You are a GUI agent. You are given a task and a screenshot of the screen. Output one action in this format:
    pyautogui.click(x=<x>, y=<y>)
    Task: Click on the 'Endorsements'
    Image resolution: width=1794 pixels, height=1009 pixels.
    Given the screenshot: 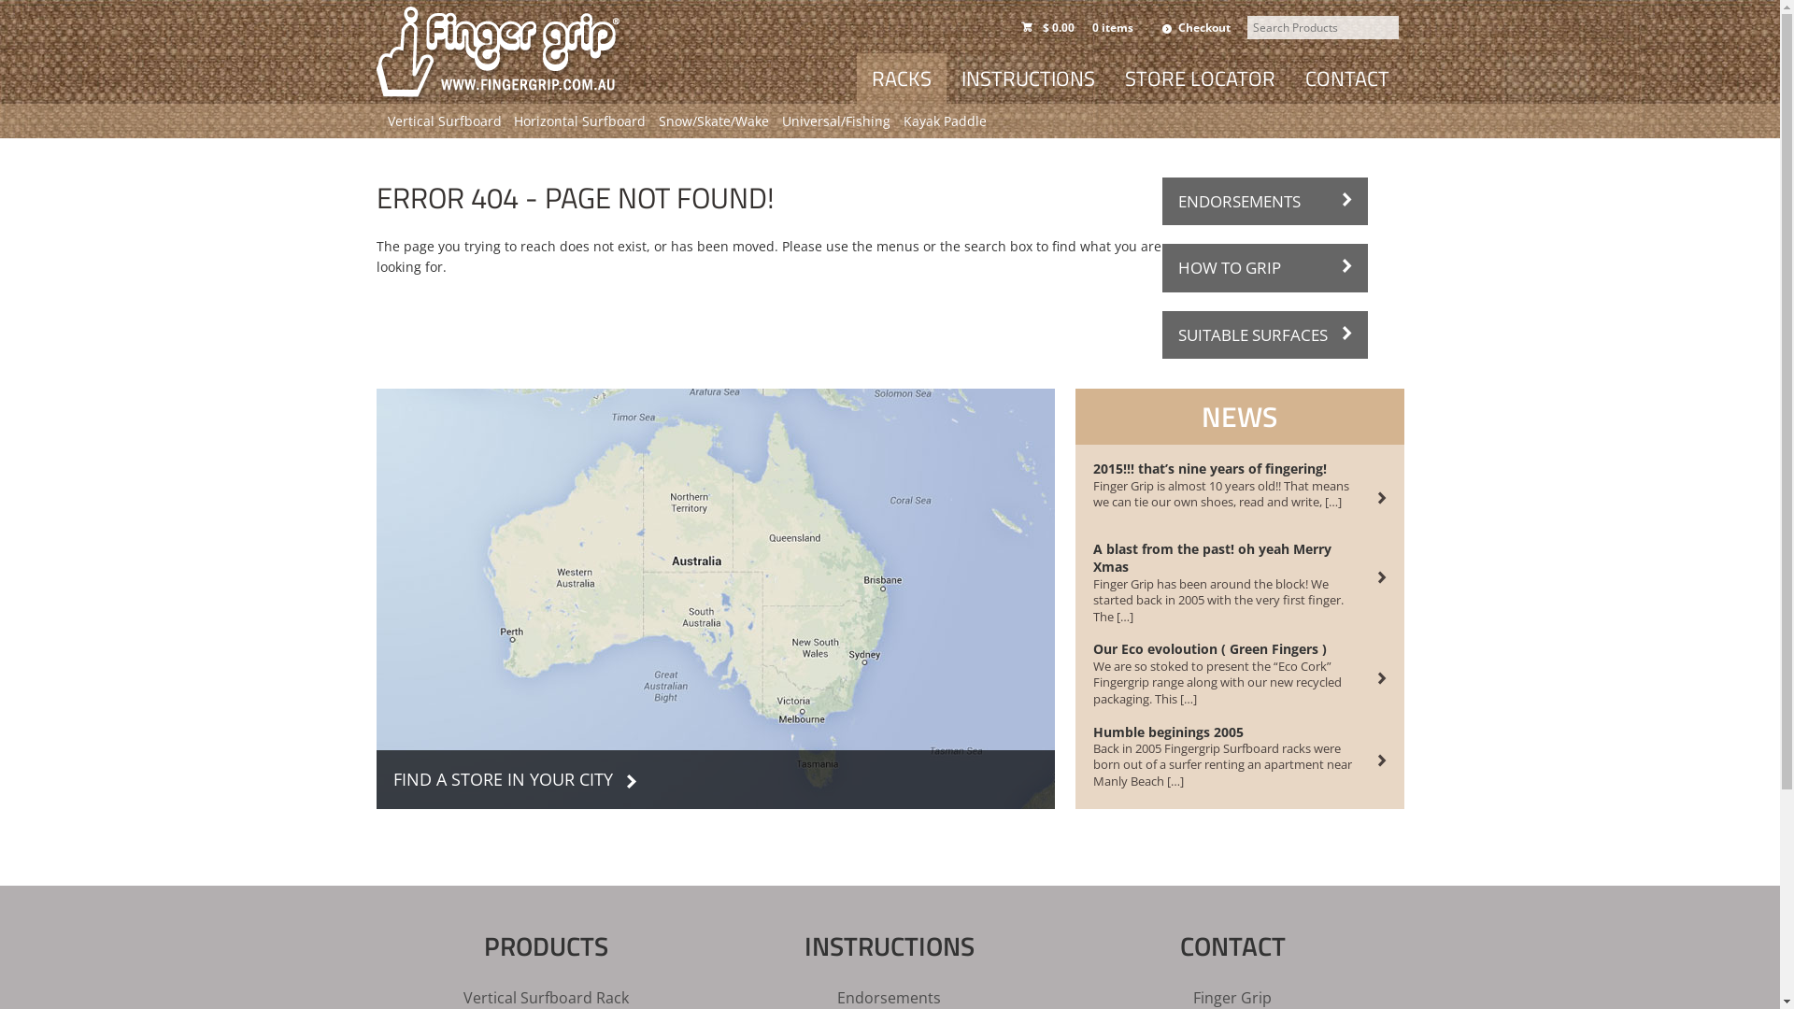 What is the action you would take?
    pyautogui.click(x=888, y=996)
    